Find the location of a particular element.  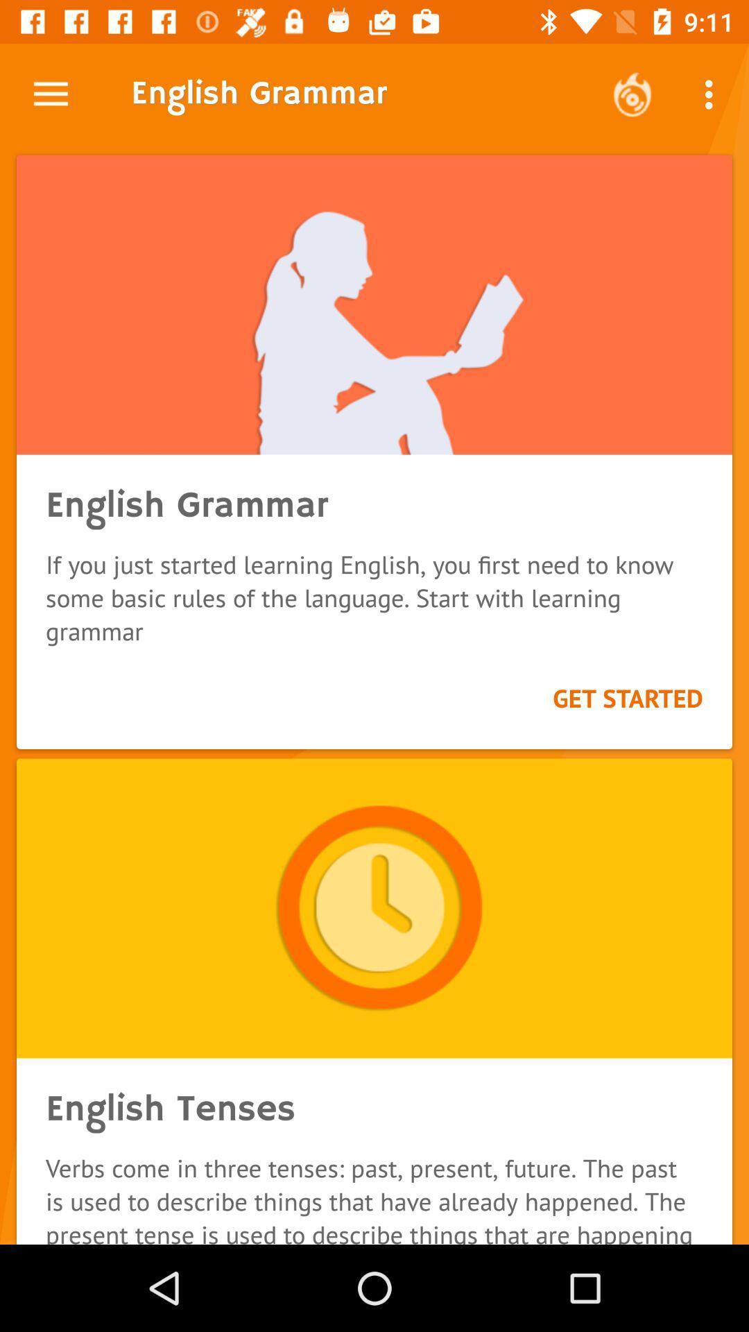

item next to the english grammar is located at coordinates (632, 94).